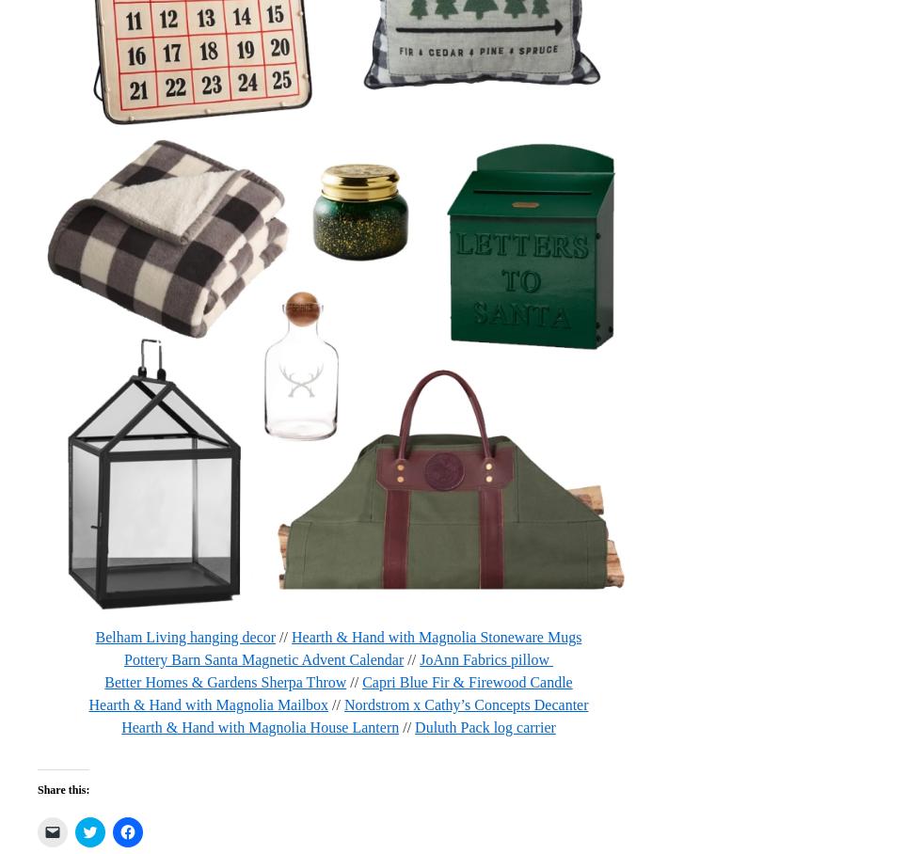  What do you see at coordinates (120, 725) in the screenshot?
I see `'Hearth & Hand with Magnolia House Lantern'` at bounding box center [120, 725].